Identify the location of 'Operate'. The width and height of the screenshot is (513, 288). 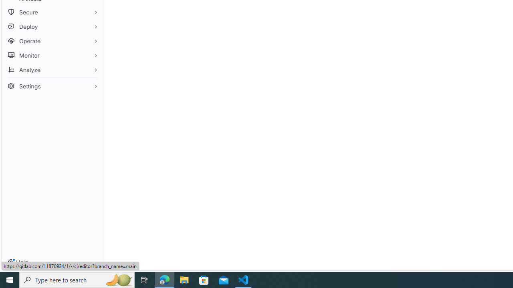
(52, 41).